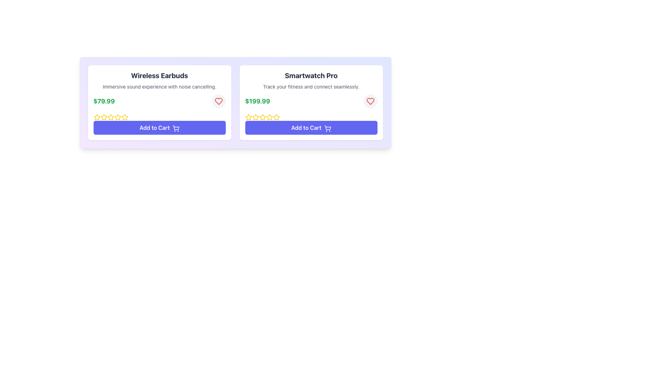 Image resolution: width=668 pixels, height=375 pixels. Describe the element at coordinates (125, 117) in the screenshot. I see `the fourth star in the five-star rating system for the 'Wireless Earbuds' product card, which is visually distinct with a yellow color fill and intricate design details` at that location.